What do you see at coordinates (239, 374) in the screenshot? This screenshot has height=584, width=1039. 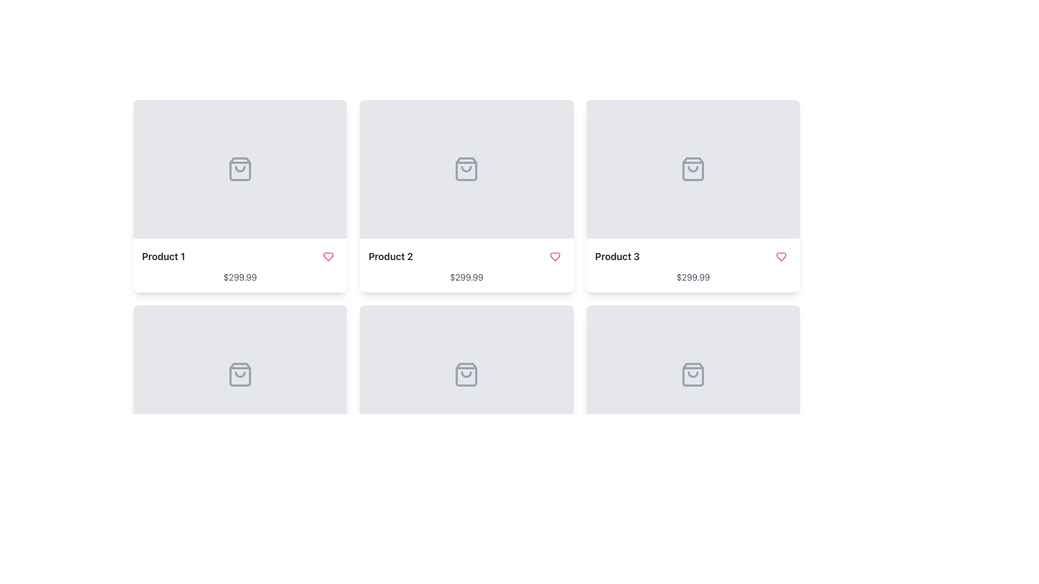 I see `the shopping bag icon located in the second row, second column of the grid layout` at bounding box center [239, 374].